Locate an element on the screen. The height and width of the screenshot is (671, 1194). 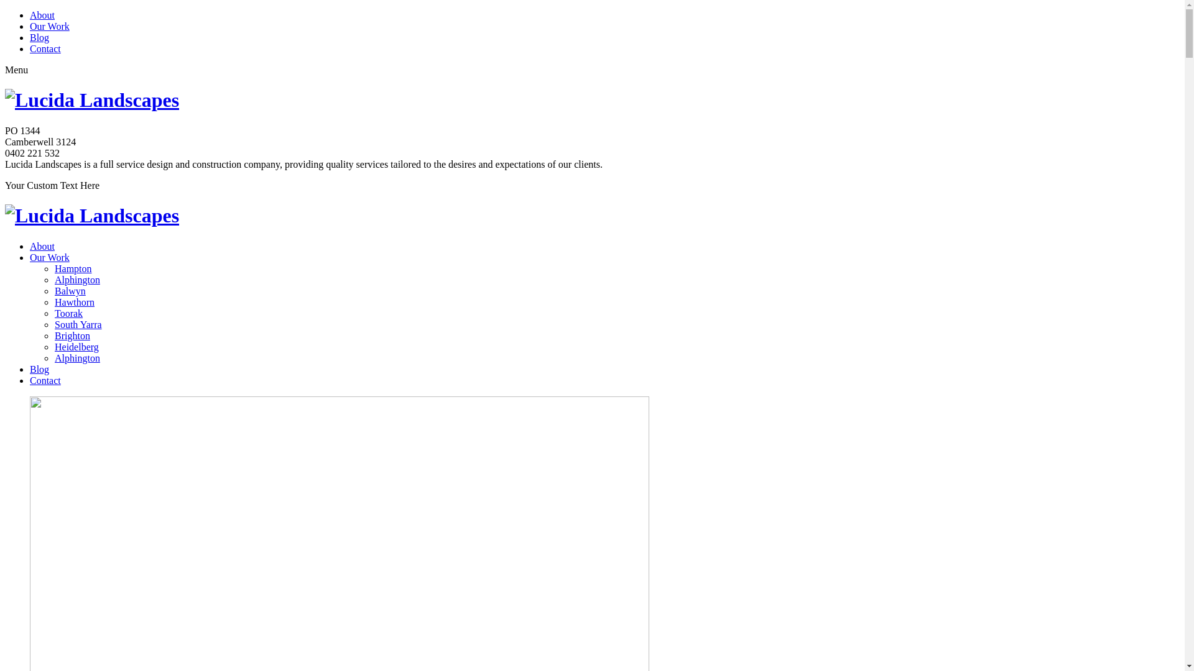
'Blog' is located at coordinates (39, 368).